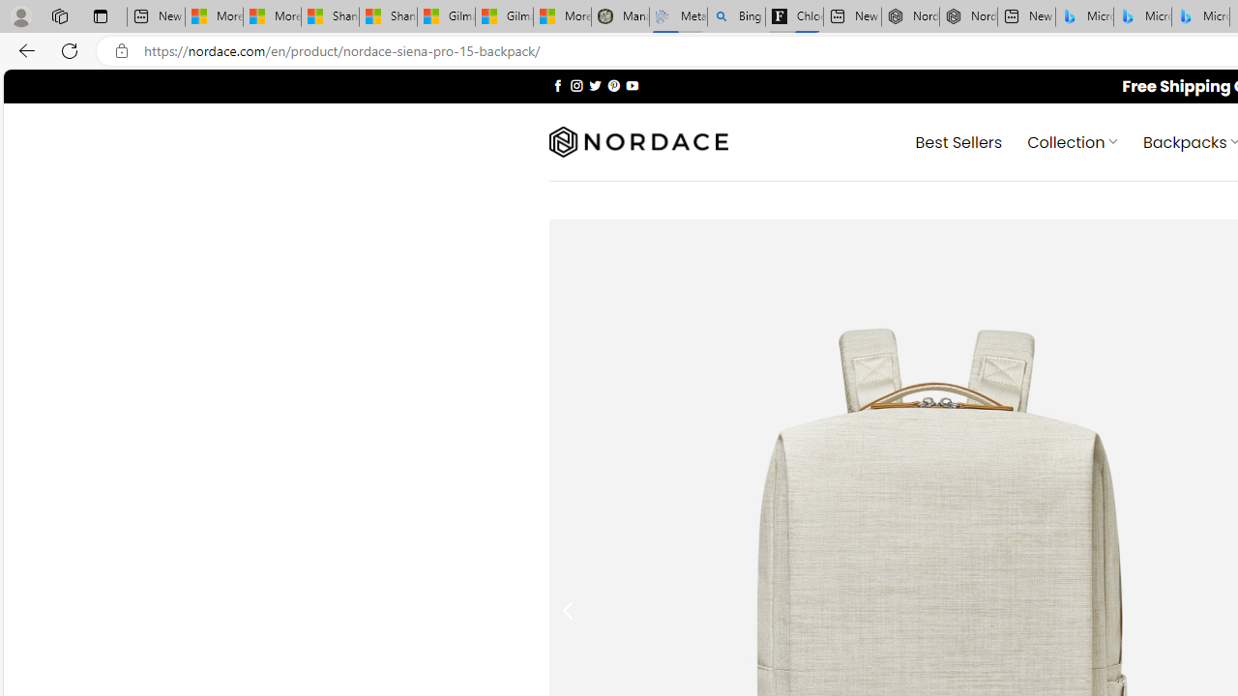  What do you see at coordinates (794, 16) in the screenshot?
I see `'Chloe Sorvino'` at bounding box center [794, 16].